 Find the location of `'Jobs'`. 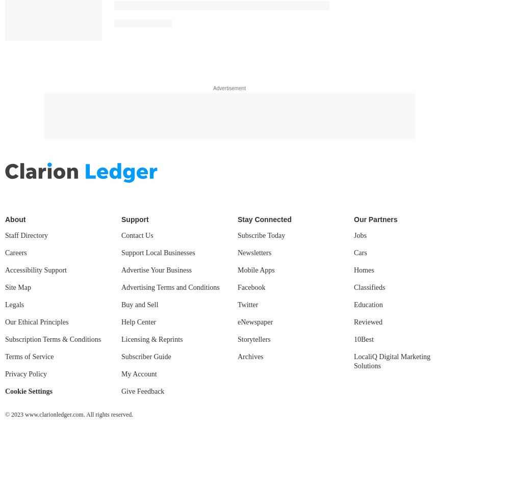

'Jobs' is located at coordinates (360, 235).